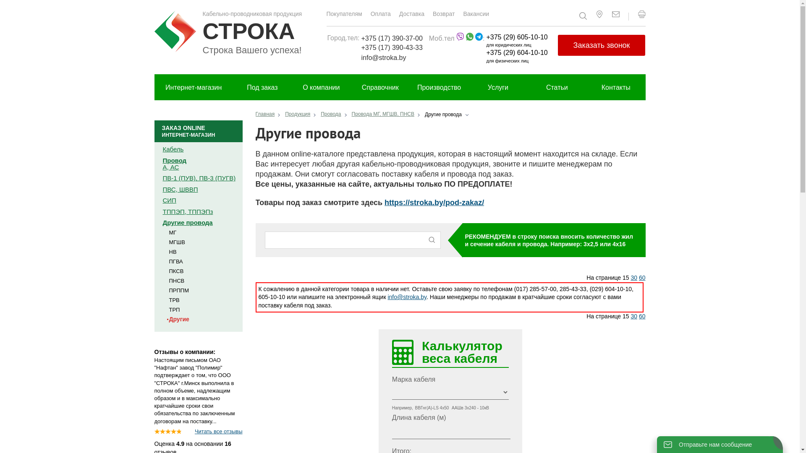 The height and width of the screenshot is (453, 806). Describe the element at coordinates (392, 48) in the screenshot. I see `'+375 (17) 390-43-33'` at that location.